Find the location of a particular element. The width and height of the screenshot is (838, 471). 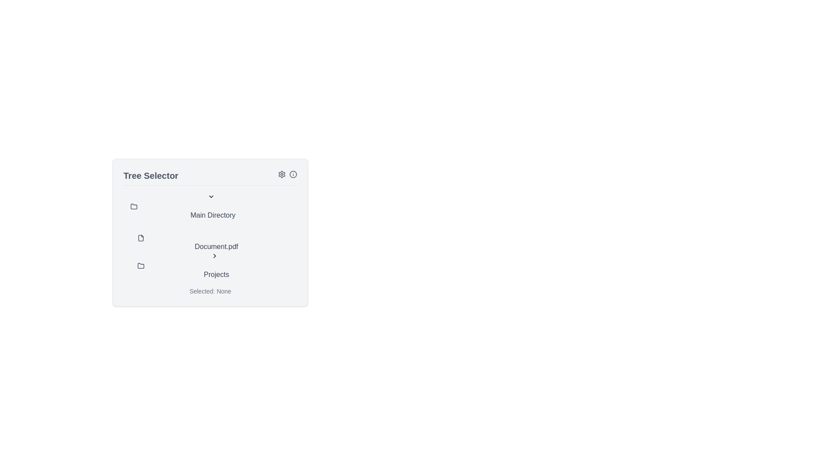

the folder icon, which is a gray outline with sharp corners, located to the left of the 'Projects' text is located at coordinates (134, 206).